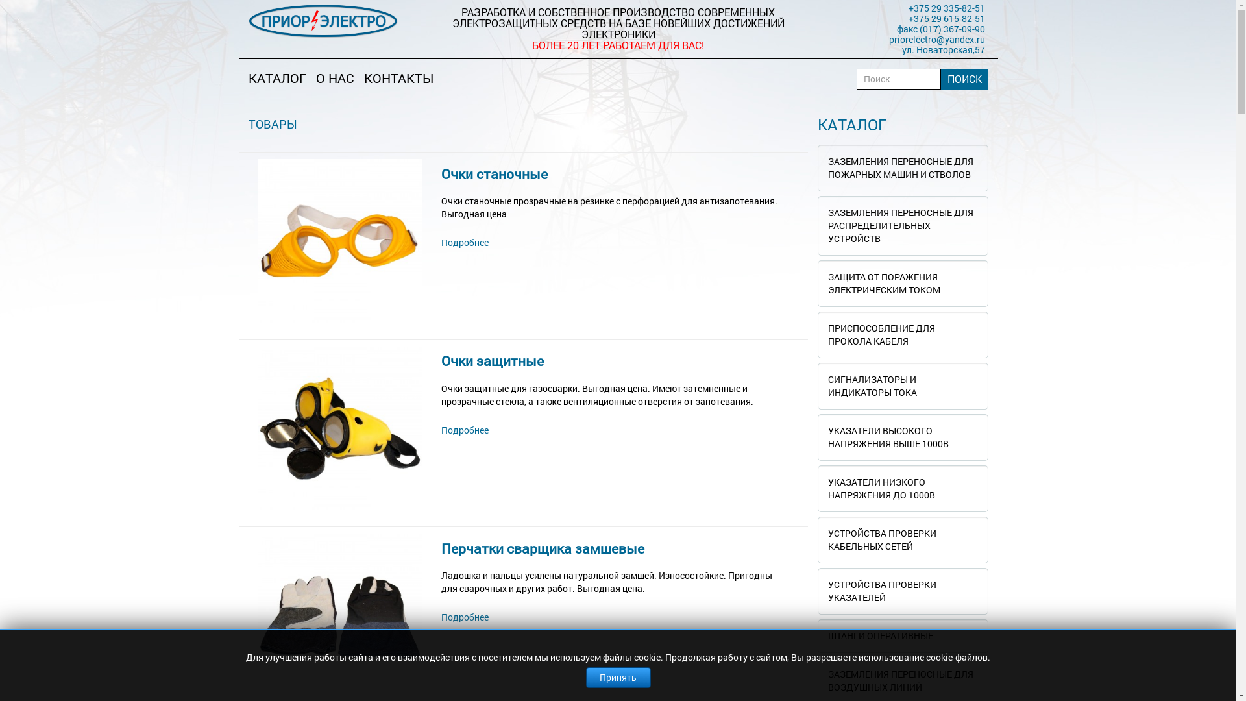 Image resolution: width=1246 pixels, height=701 pixels. Describe the element at coordinates (937, 38) in the screenshot. I see `'priorelectro@yandex.ru'` at that location.